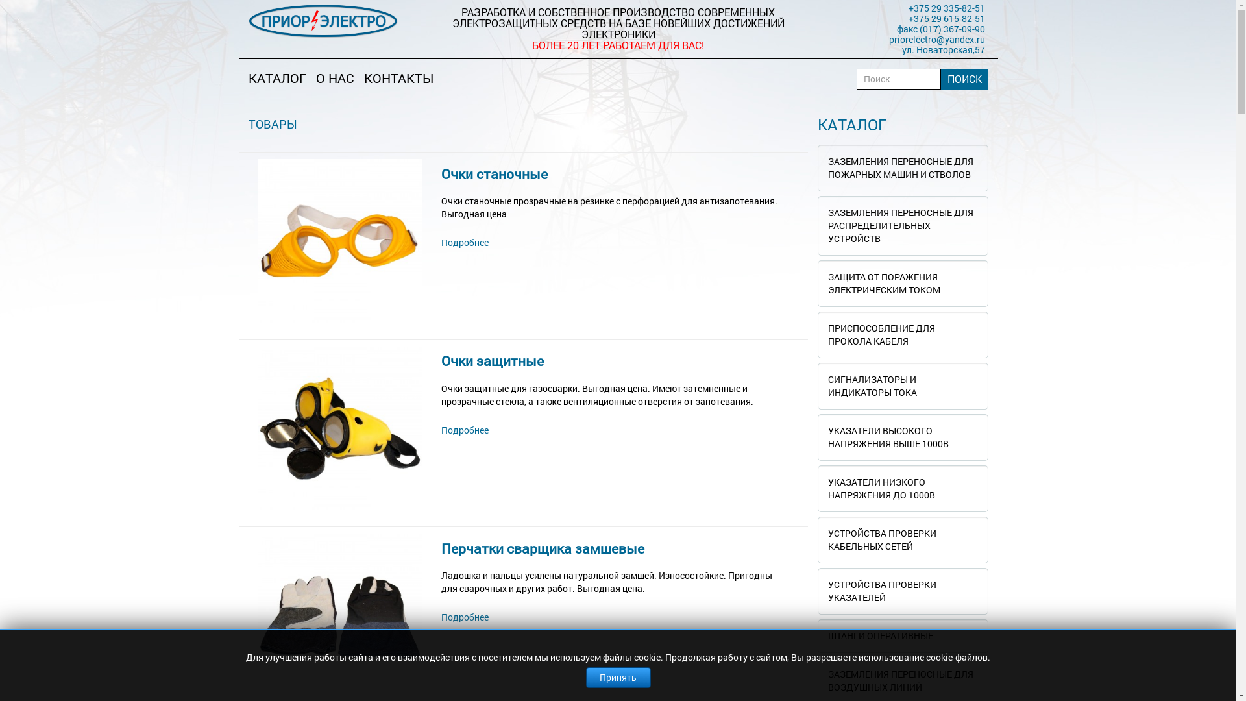 Image resolution: width=1246 pixels, height=701 pixels. Describe the element at coordinates (937, 38) in the screenshot. I see `'priorelectro@yandex.ru'` at that location.